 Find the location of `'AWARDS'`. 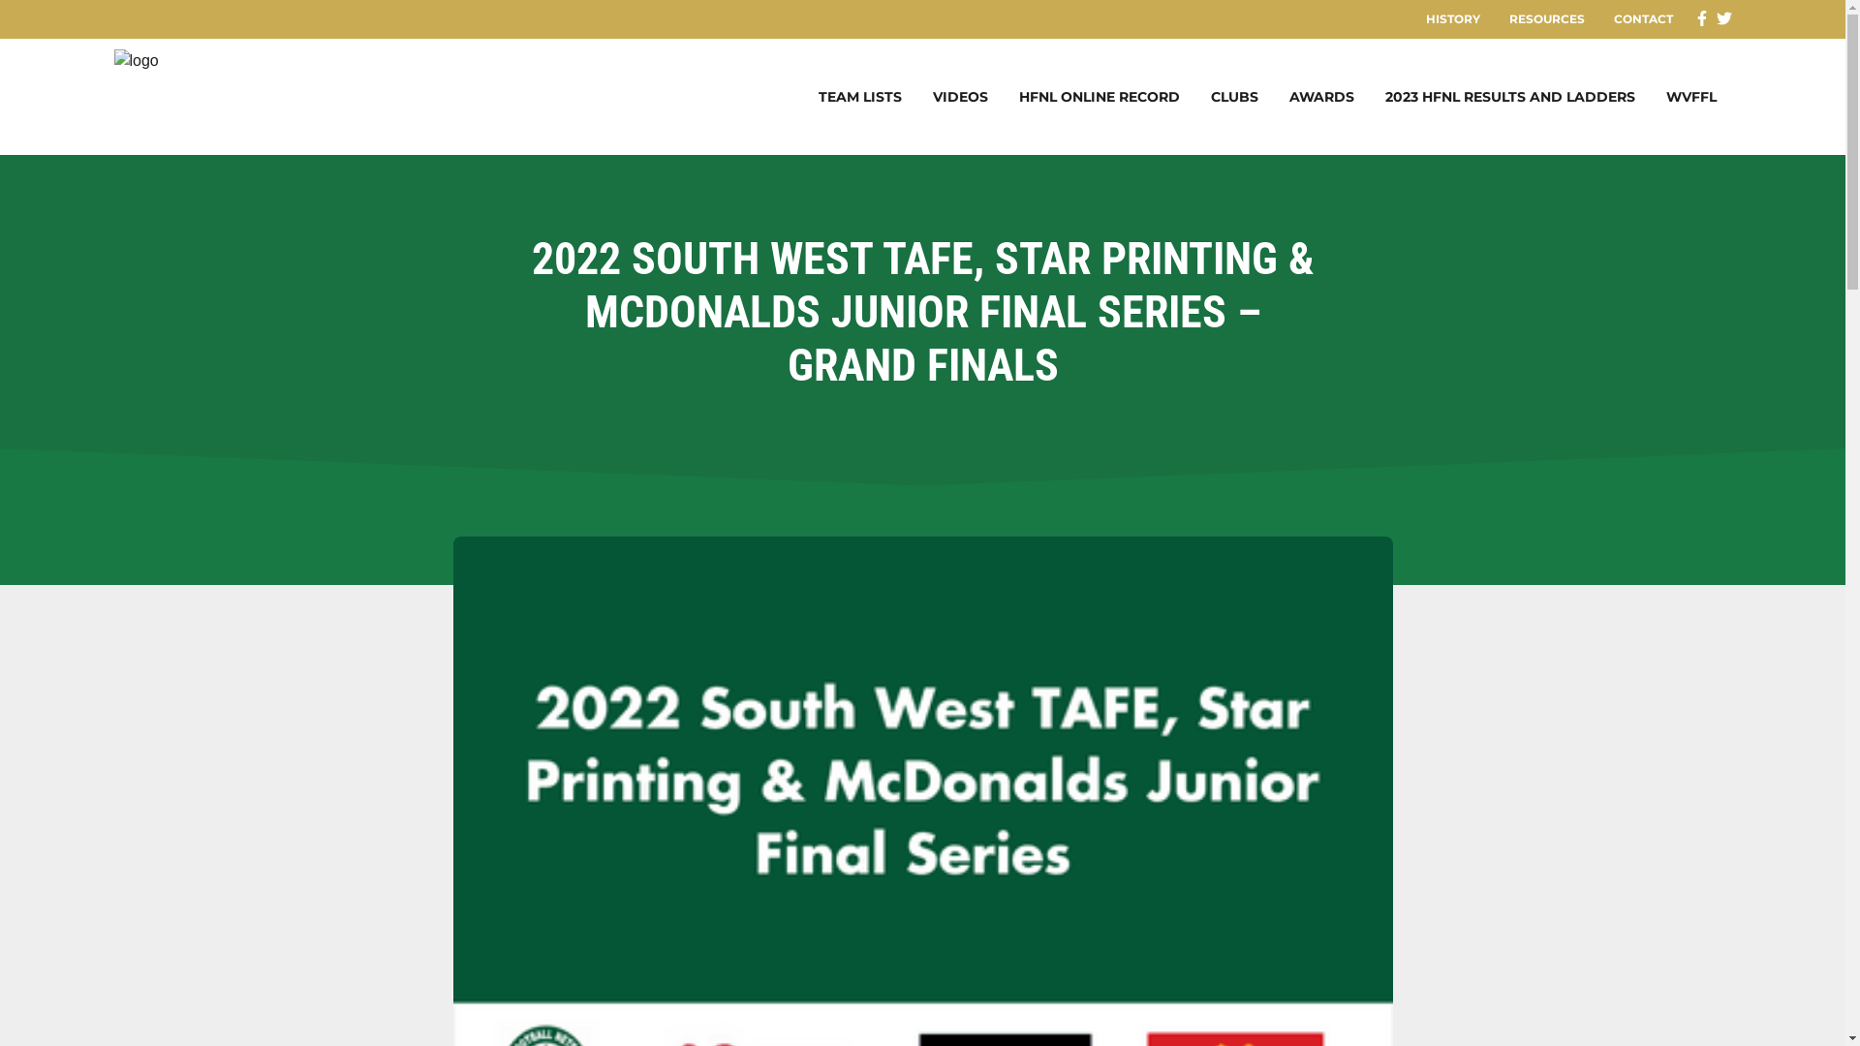

'AWARDS' is located at coordinates (1319, 97).